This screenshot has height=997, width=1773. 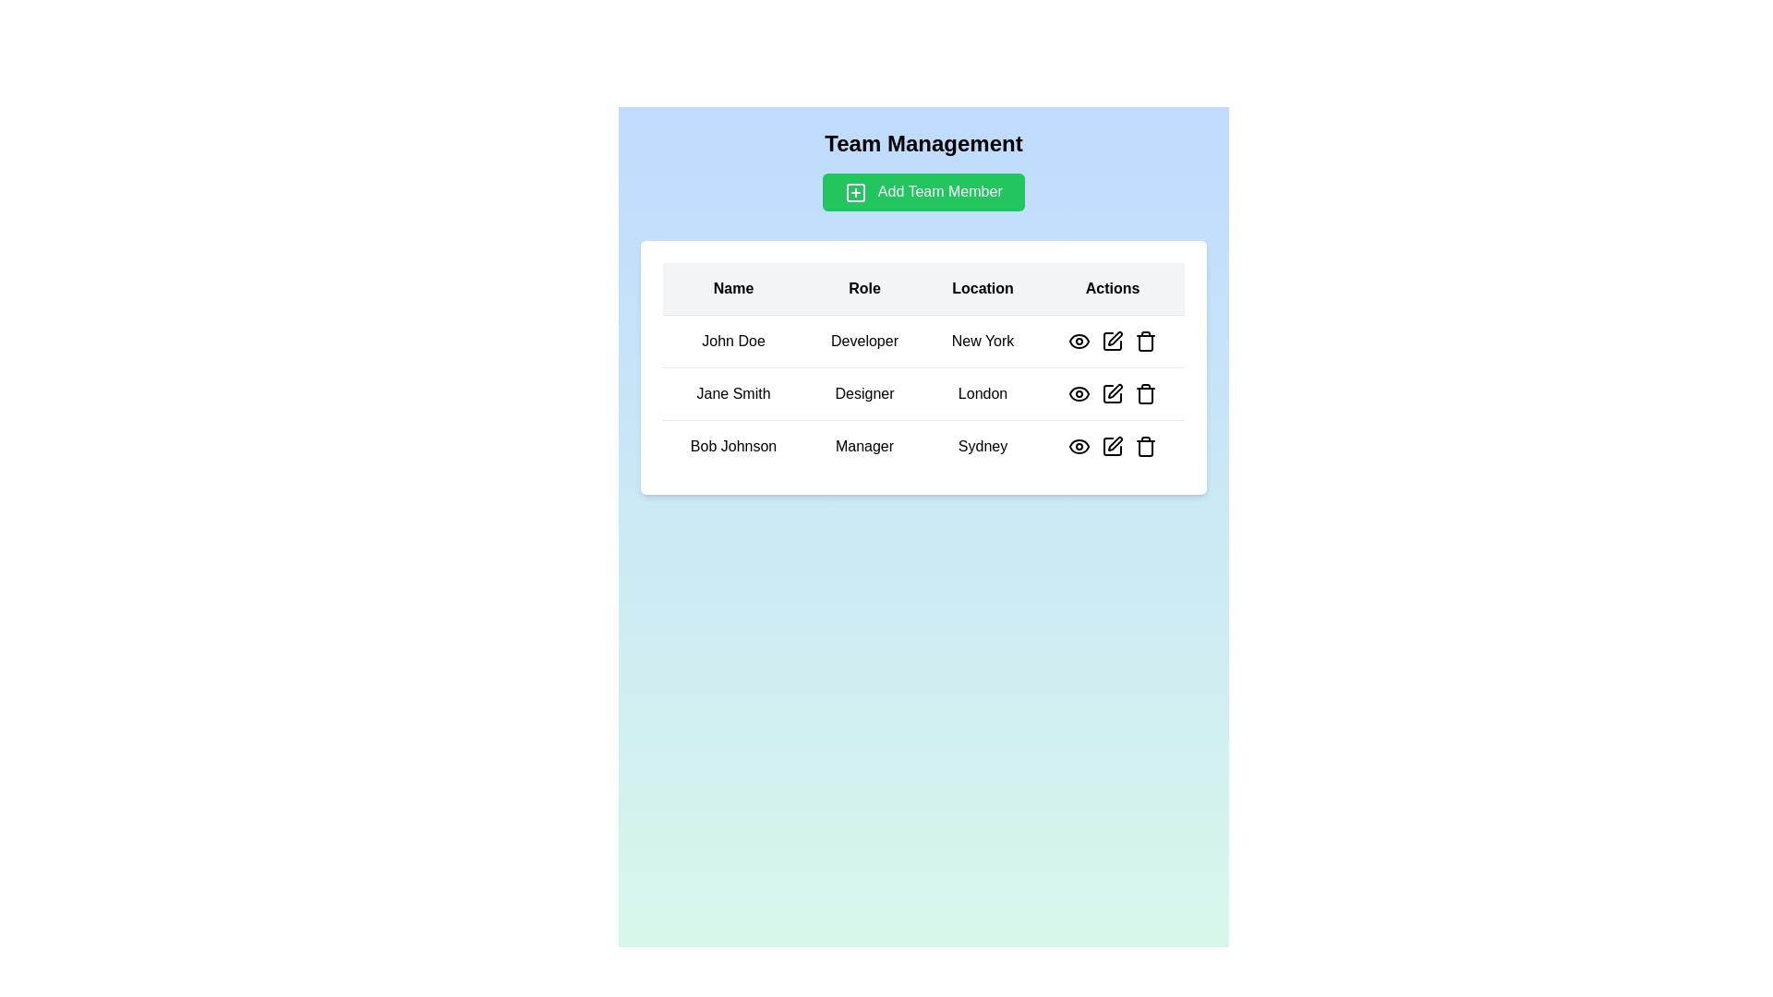 I want to click on the icon-based button in the 'Actions' column of the third row for 'Bob Johnson - Manager - Sydney', so click(x=1079, y=446).